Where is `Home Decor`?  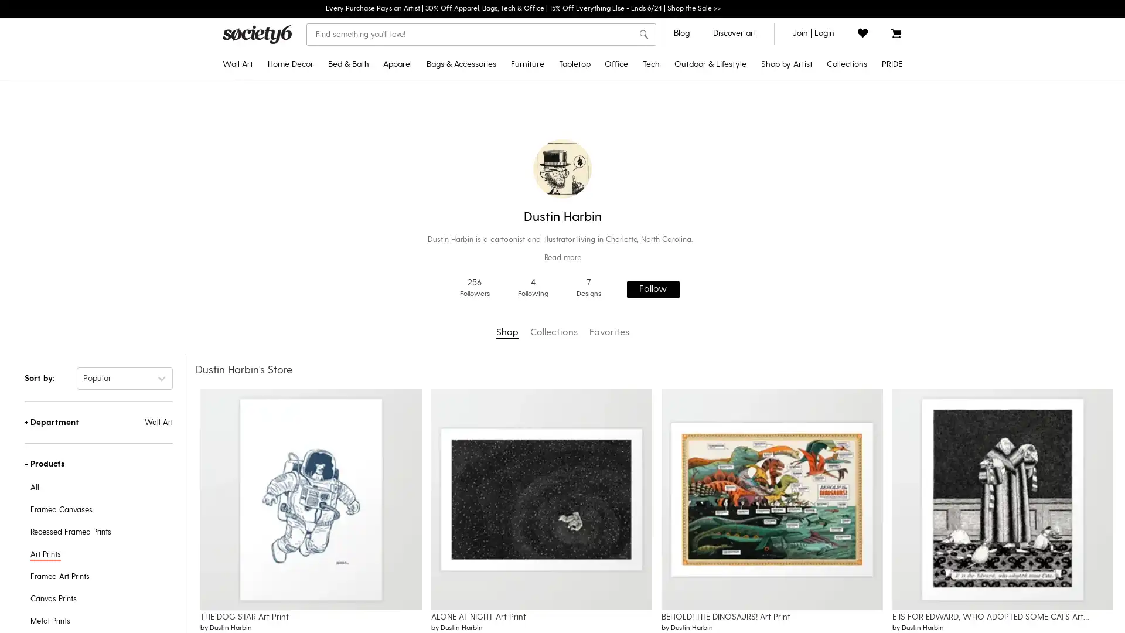
Home Decor is located at coordinates (289, 64).